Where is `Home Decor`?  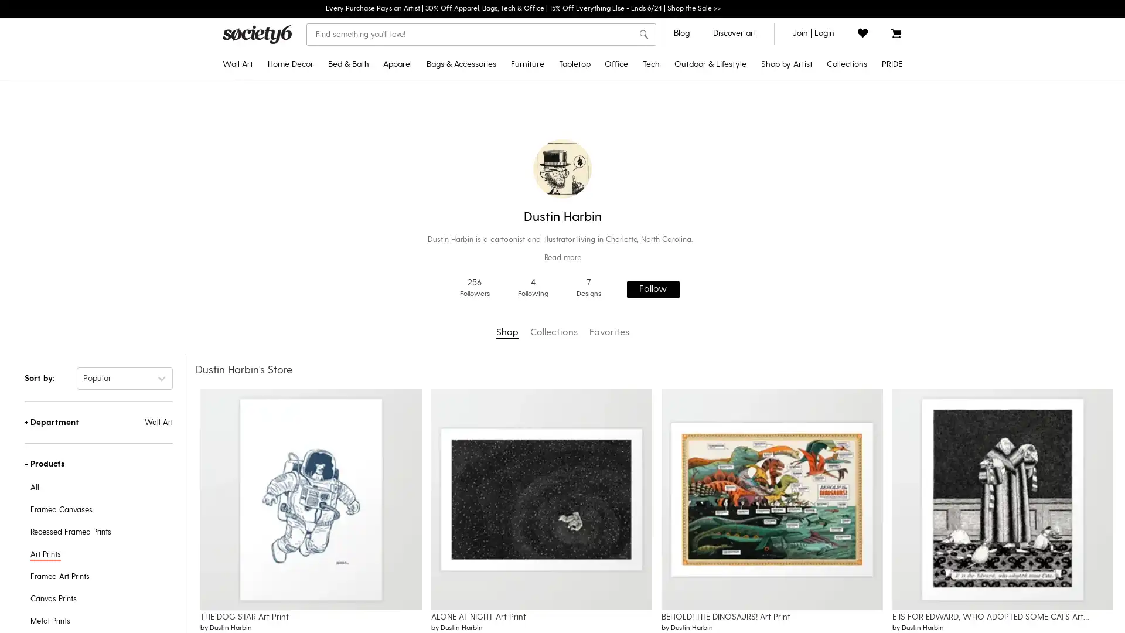
Home Decor is located at coordinates (289, 64).